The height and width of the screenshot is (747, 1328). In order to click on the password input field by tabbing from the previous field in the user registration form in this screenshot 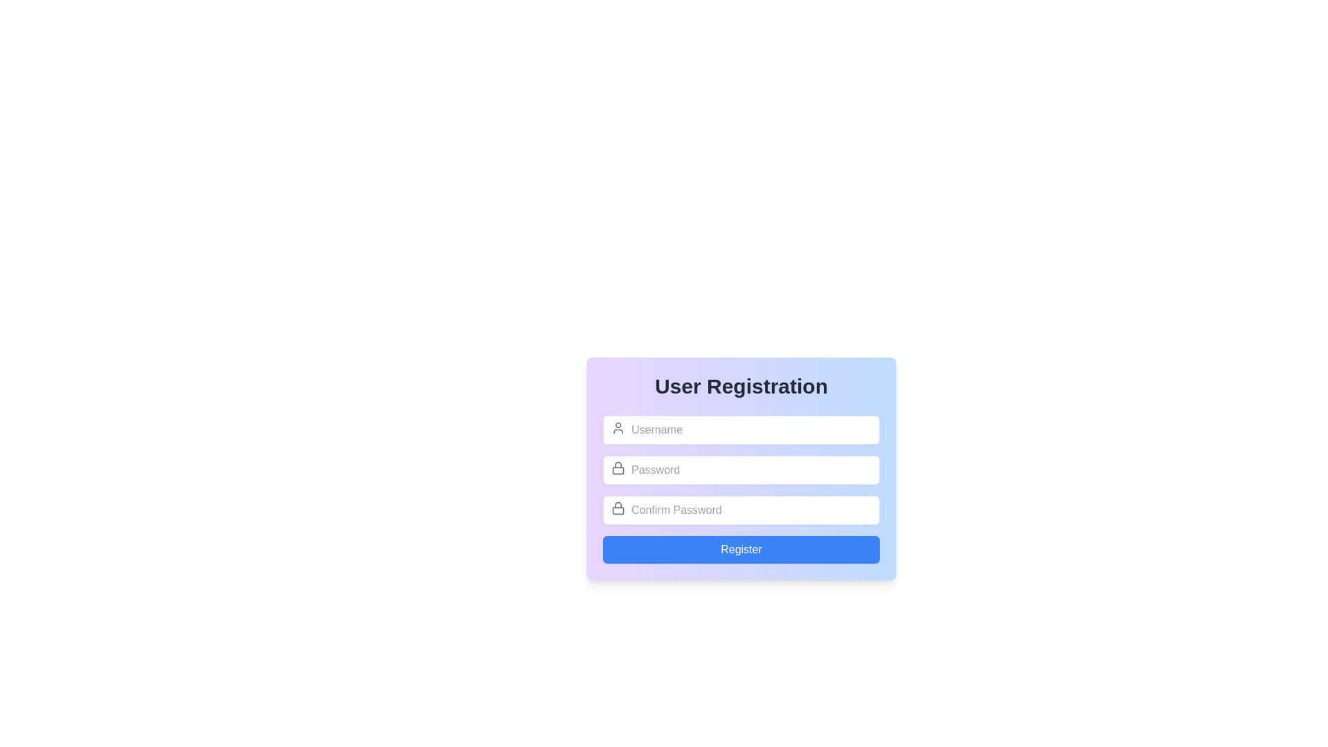, I will do `click(740, 469)`.